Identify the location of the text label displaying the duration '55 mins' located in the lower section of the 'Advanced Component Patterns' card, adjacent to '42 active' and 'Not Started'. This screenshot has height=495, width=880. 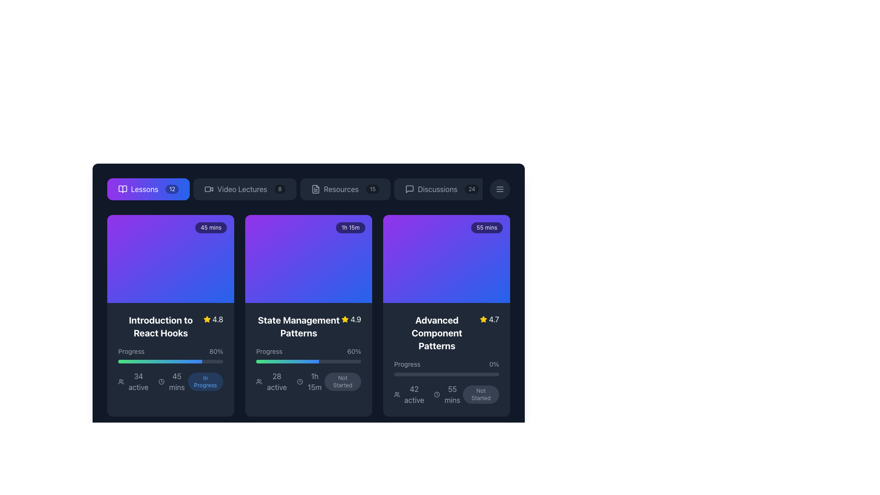
(452, 394).